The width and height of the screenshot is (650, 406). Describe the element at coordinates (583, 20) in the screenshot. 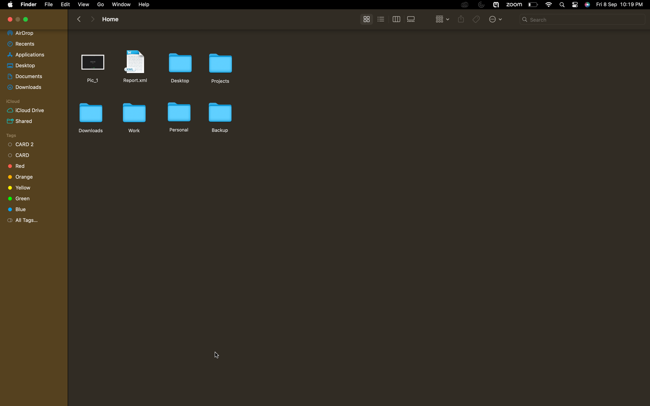

I see `a search for the document named "report" in the present folder` at that location.